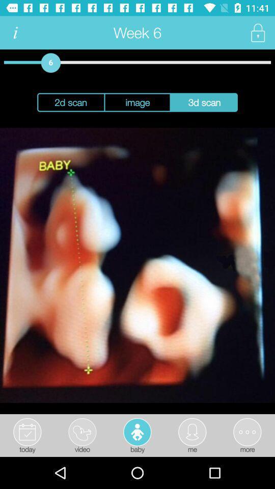  I want to click on information, so click(15, 33).